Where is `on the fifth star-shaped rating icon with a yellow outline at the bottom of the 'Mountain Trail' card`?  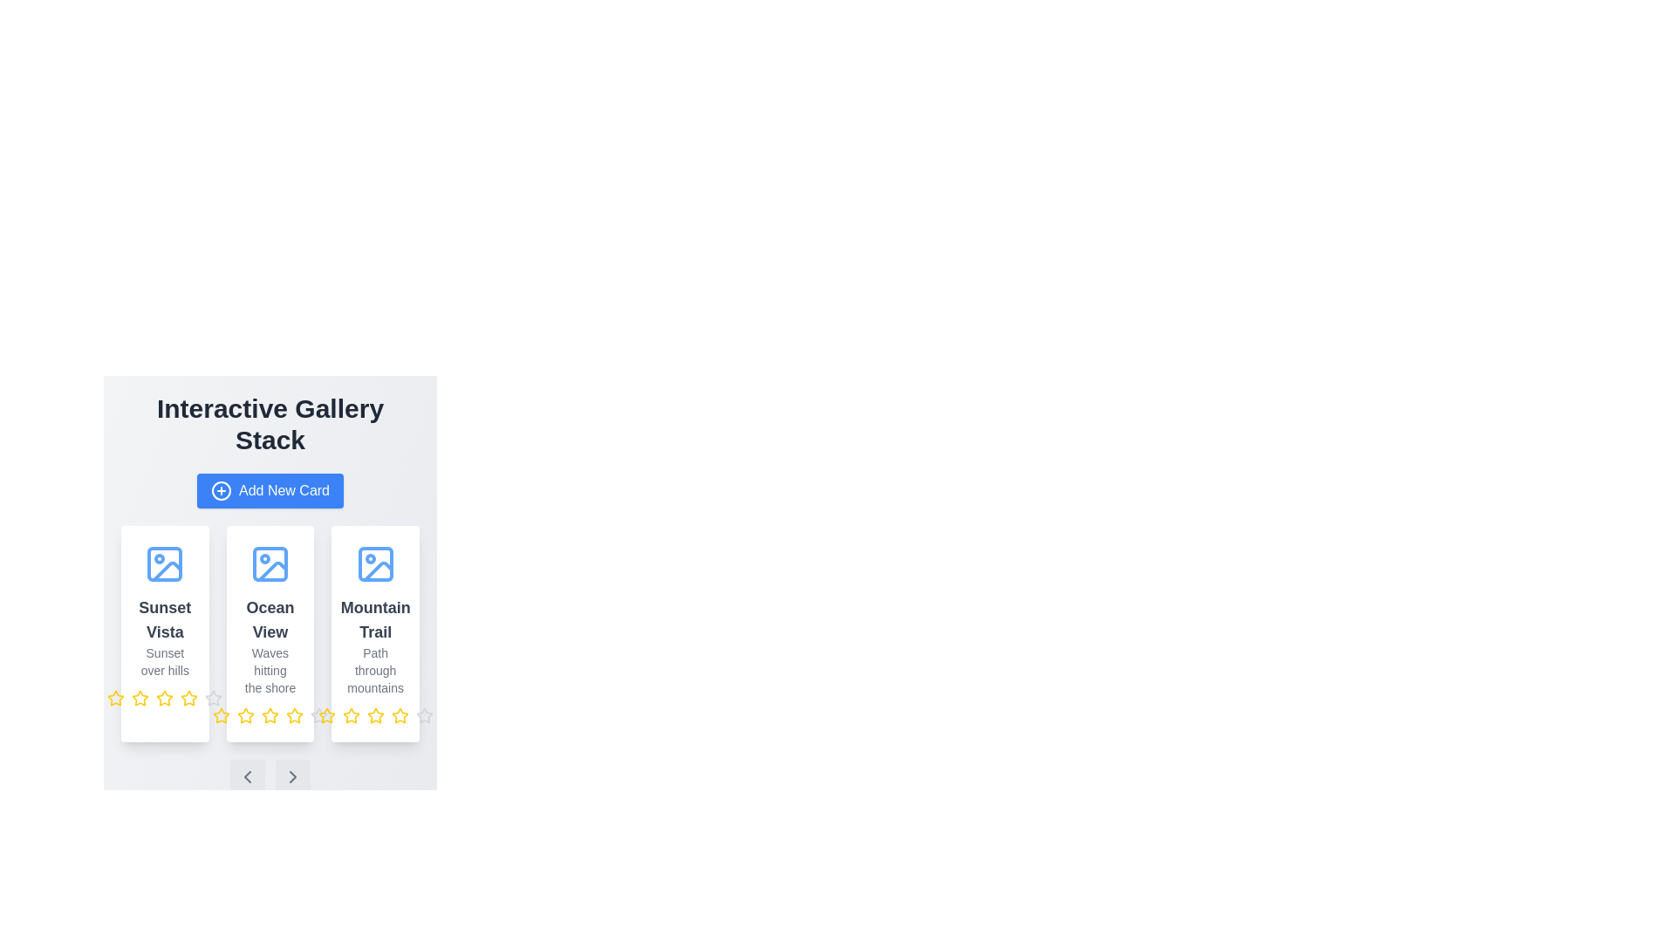
on the fifth star-shaped rating icon with a yellow outline at the bottom of the 'Mountain Trail' card is located at coordinates (374, 715).